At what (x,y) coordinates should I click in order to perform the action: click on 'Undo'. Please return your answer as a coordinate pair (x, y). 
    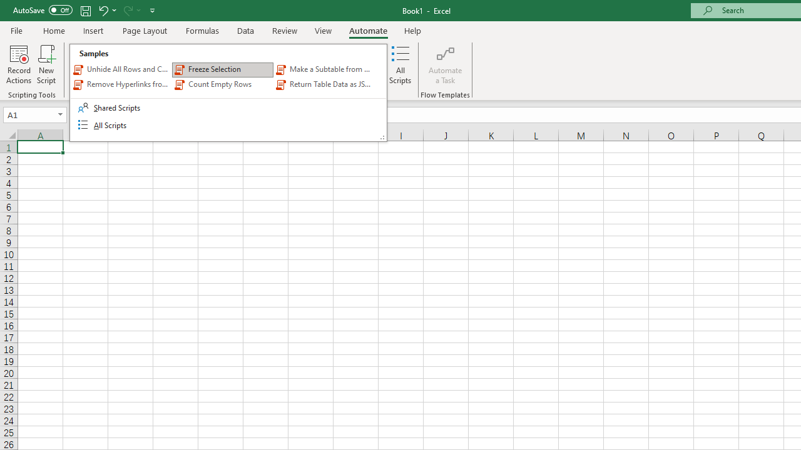
    Looking at the image, I should click on (106, 10).